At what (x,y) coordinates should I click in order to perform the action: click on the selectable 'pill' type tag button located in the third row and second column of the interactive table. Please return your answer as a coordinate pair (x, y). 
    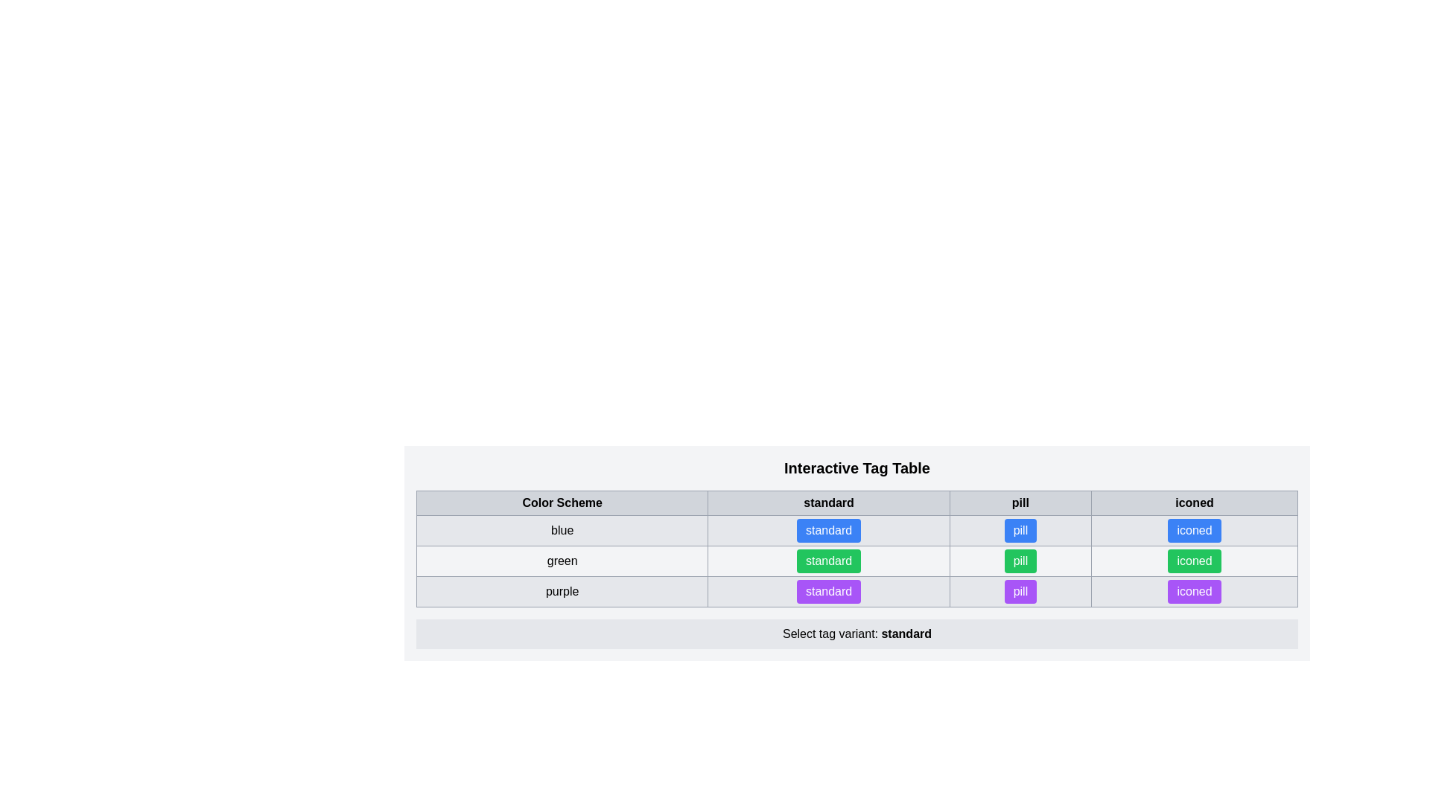
    Looking at the image, I should click on (1020, 590).